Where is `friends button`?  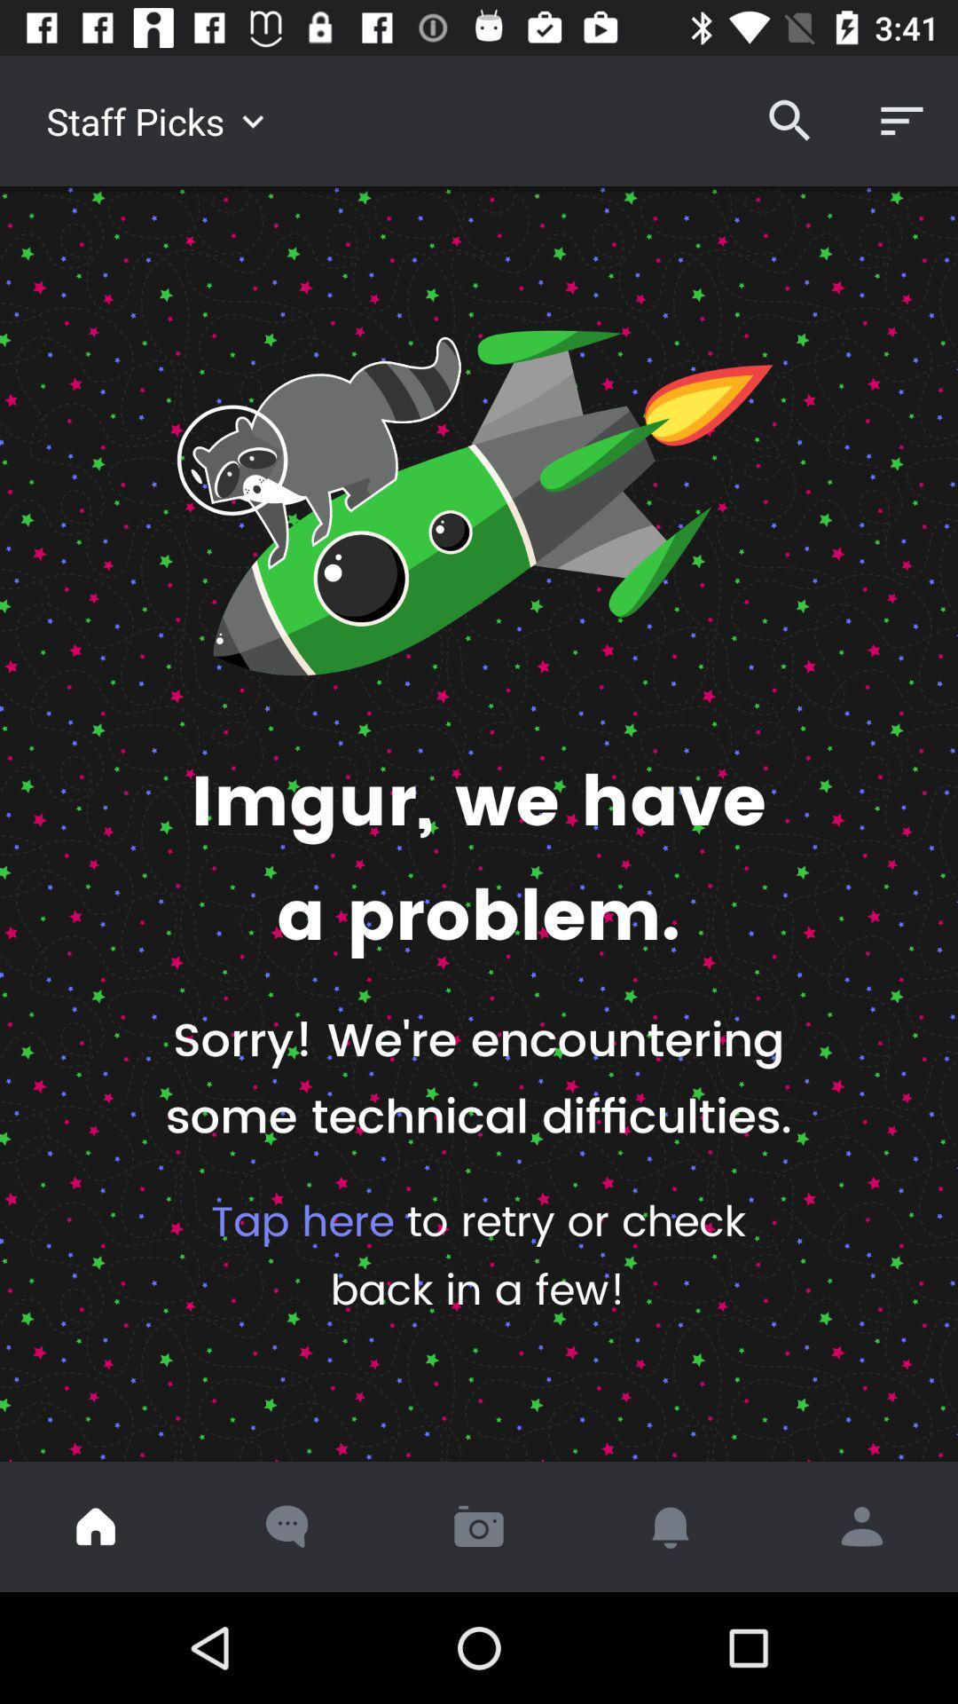
friends button is located at coordinates (861, 1526).